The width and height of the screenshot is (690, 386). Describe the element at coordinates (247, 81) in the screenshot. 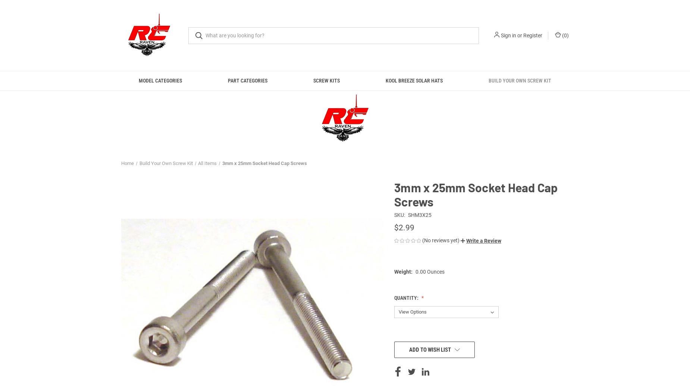

I see `'Part Categories'` at that location.